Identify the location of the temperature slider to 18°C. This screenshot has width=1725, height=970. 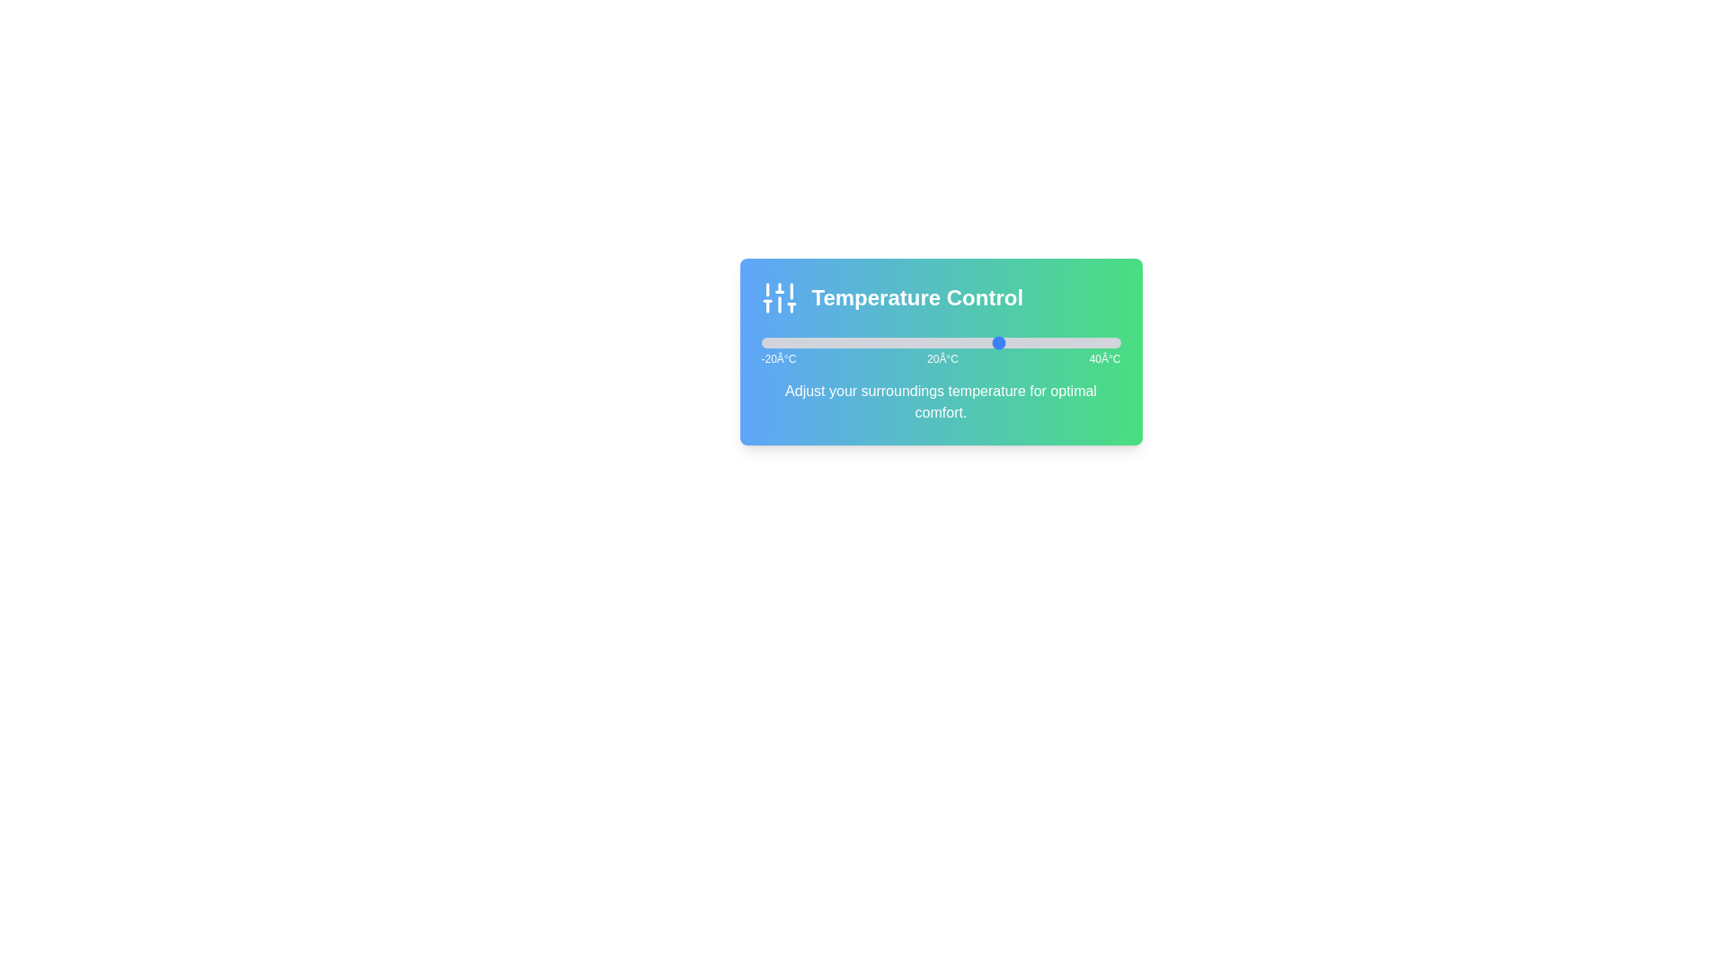
(987, 342).